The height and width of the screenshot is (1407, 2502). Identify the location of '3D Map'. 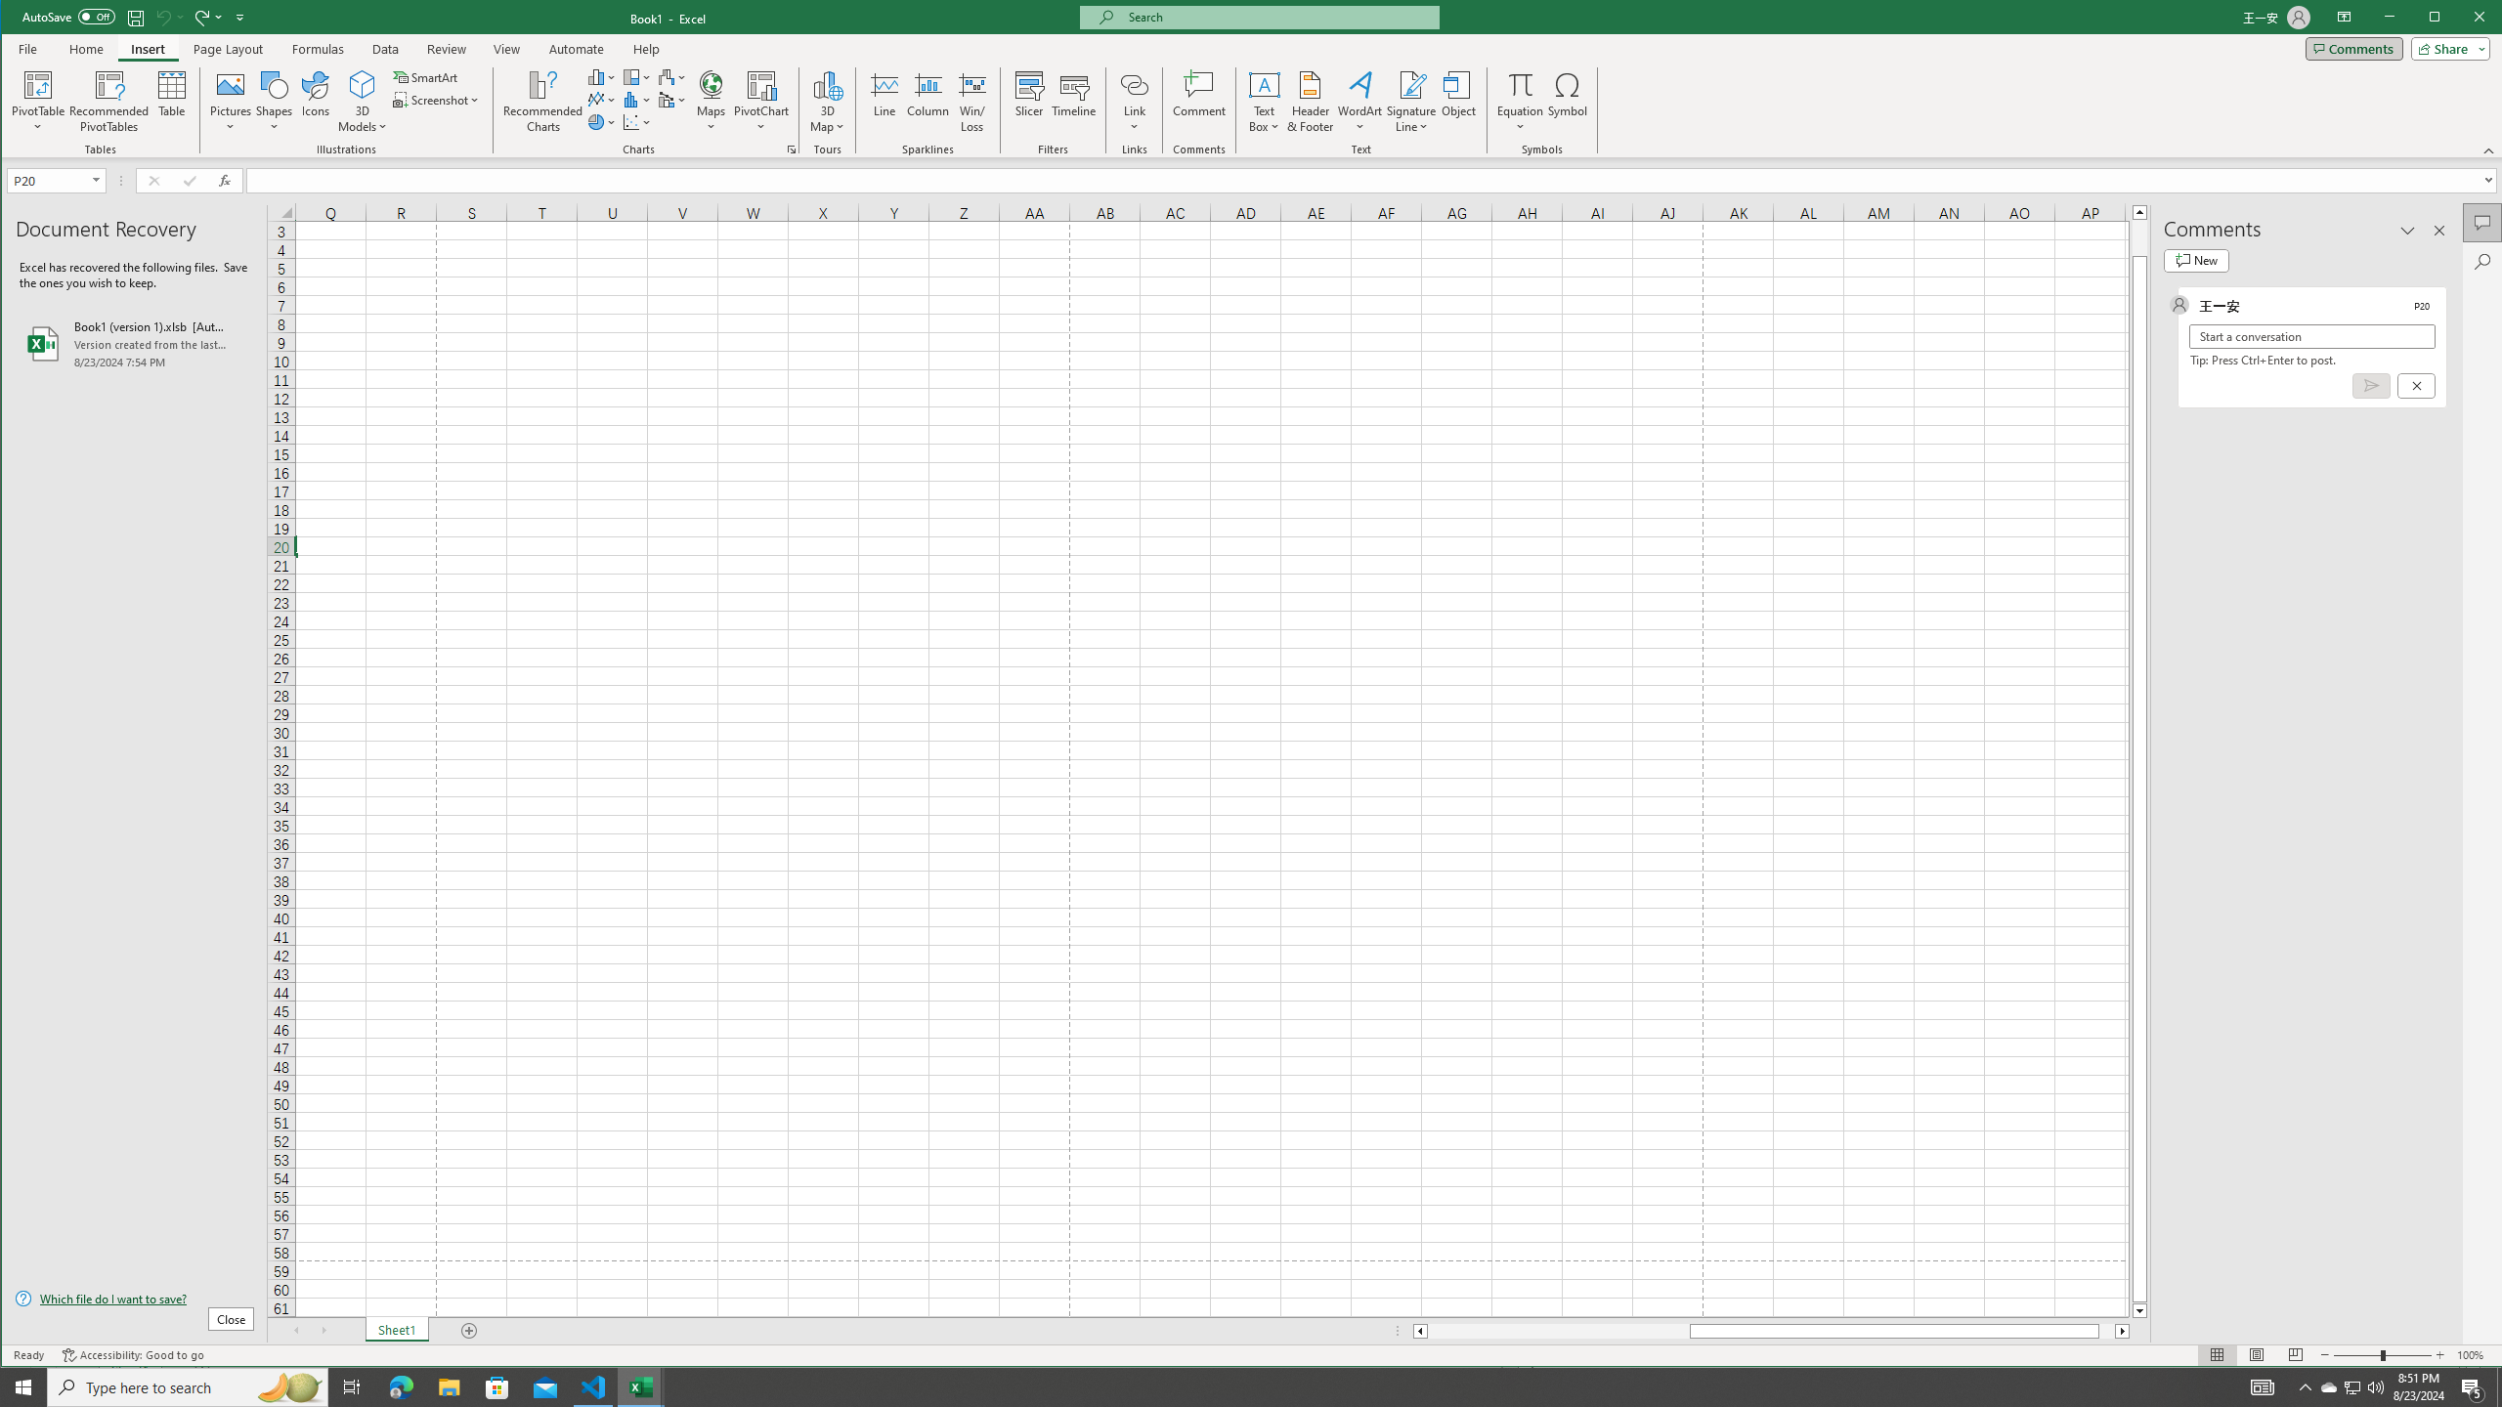
(828, 83).